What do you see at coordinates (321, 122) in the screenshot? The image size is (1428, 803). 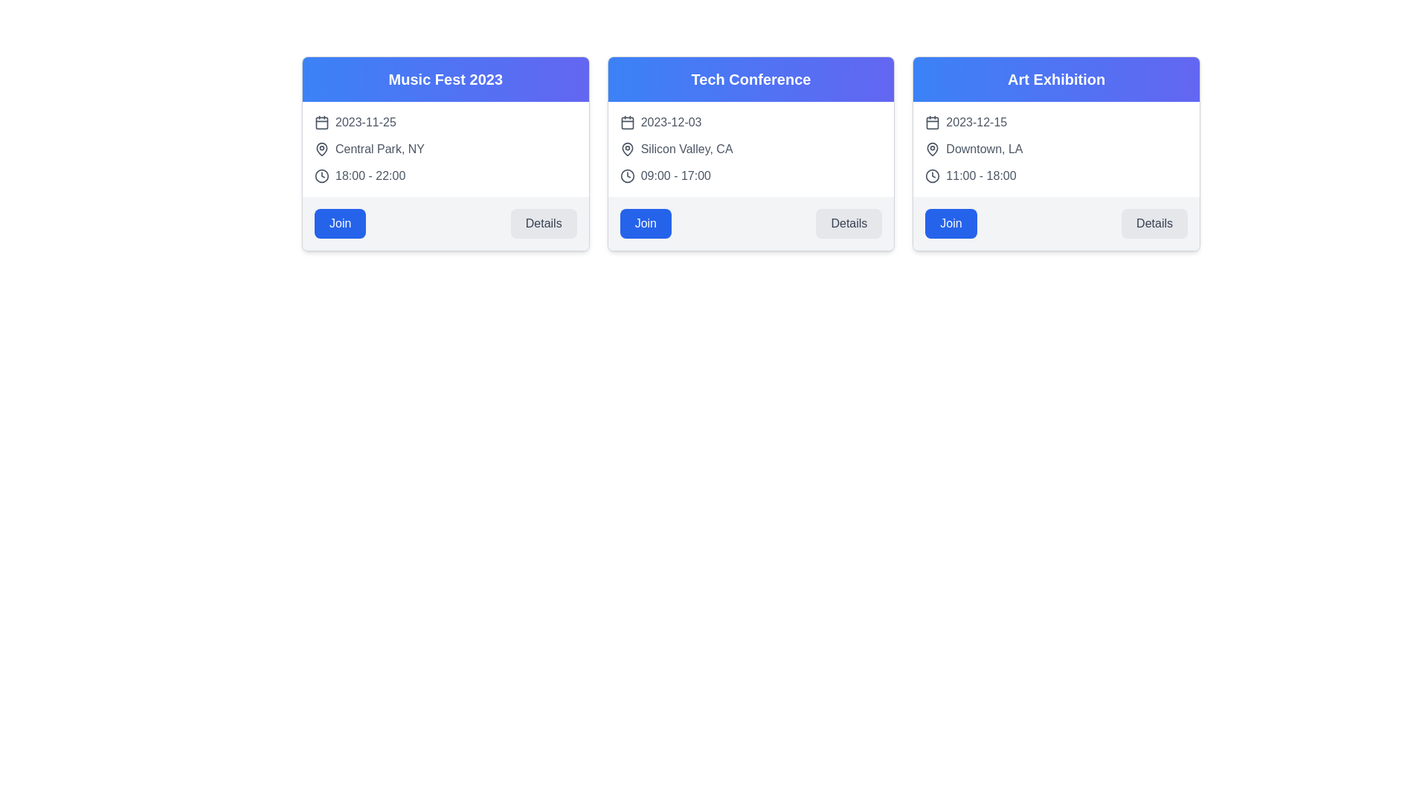 I see `the calendar icon graphic component located in the upper-left area of the 'Music Fest 2023' event card, preceding the text '2023-11-25'` at bounding box center [321, 122].